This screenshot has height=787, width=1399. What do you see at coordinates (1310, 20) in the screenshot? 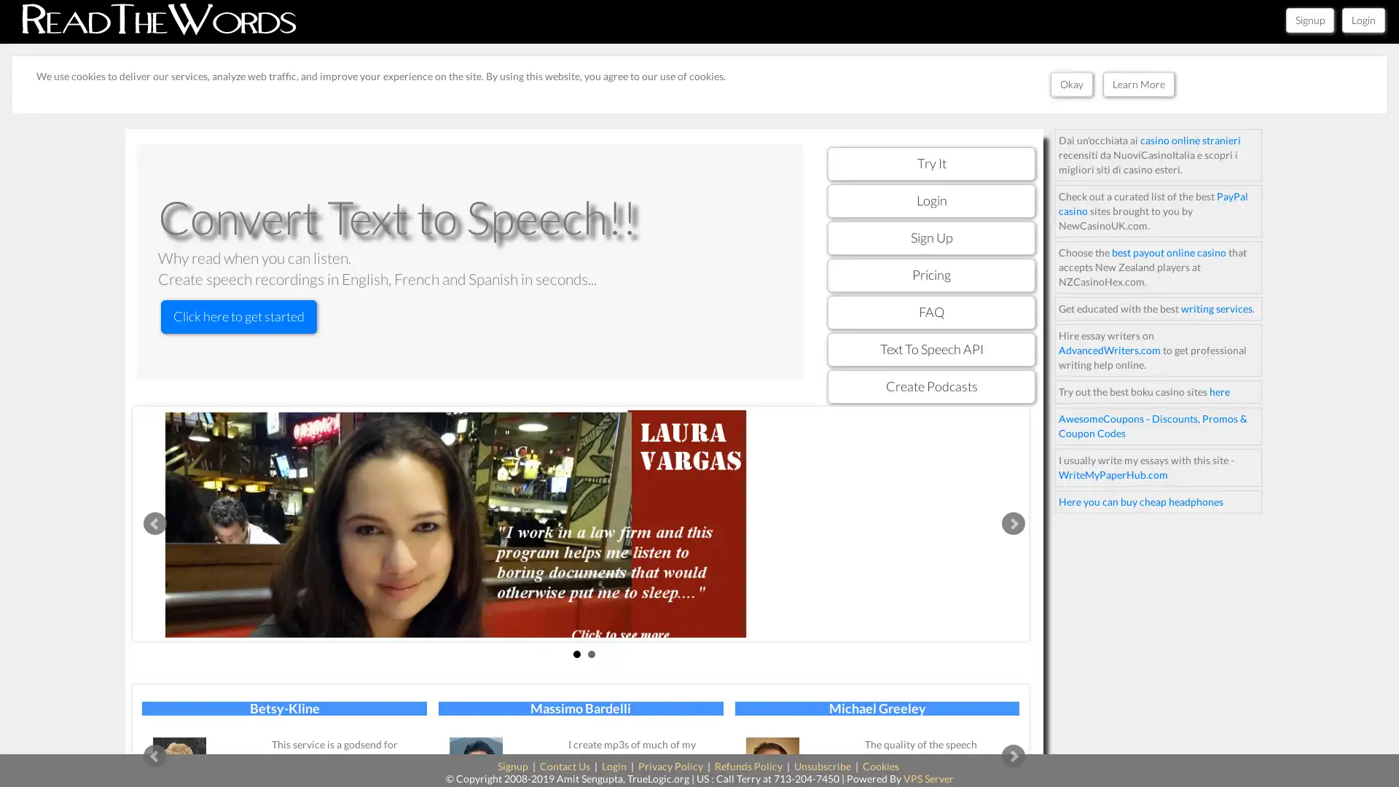
I see `Signup` at bounding box center [1310, 20].